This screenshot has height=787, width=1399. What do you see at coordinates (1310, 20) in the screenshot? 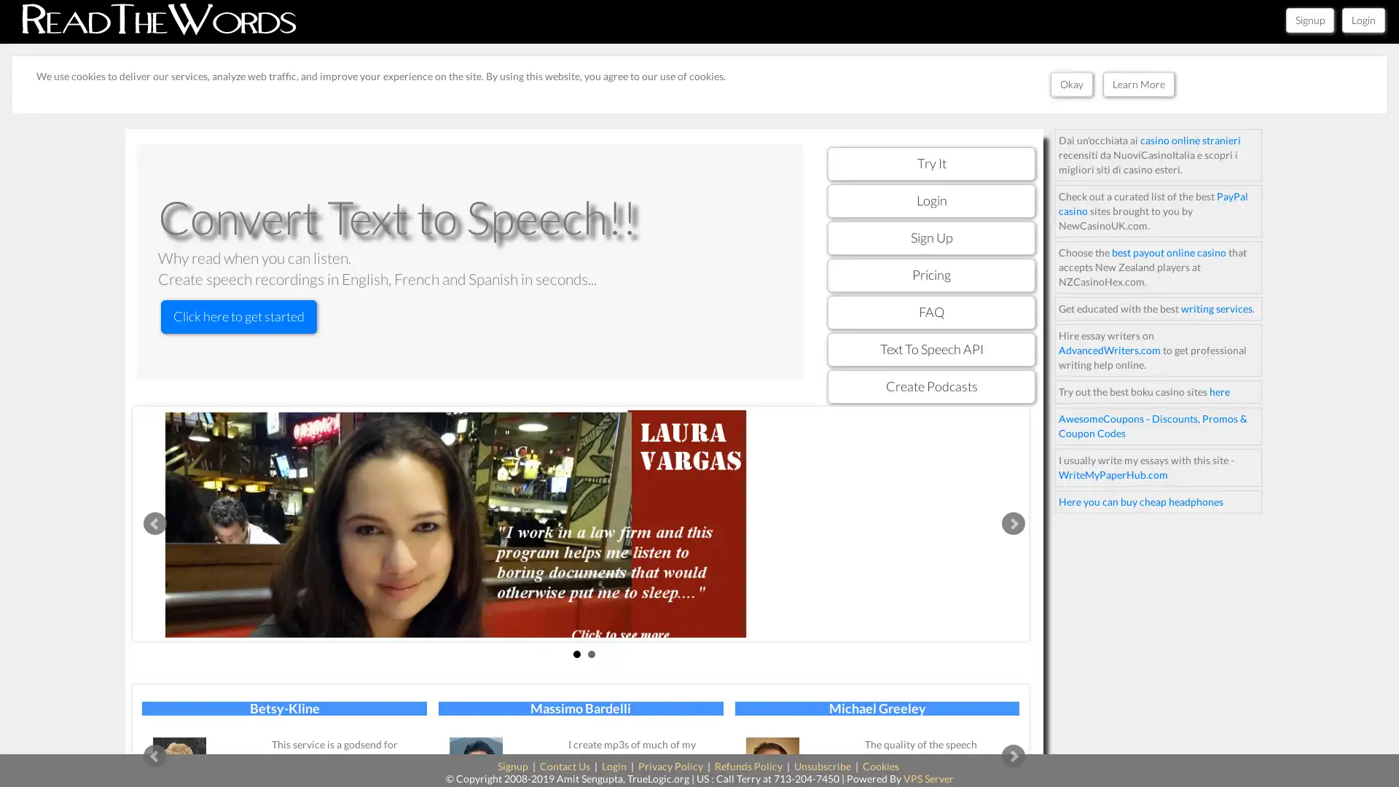
I see `Signup` at bounding box center [1310, 20].